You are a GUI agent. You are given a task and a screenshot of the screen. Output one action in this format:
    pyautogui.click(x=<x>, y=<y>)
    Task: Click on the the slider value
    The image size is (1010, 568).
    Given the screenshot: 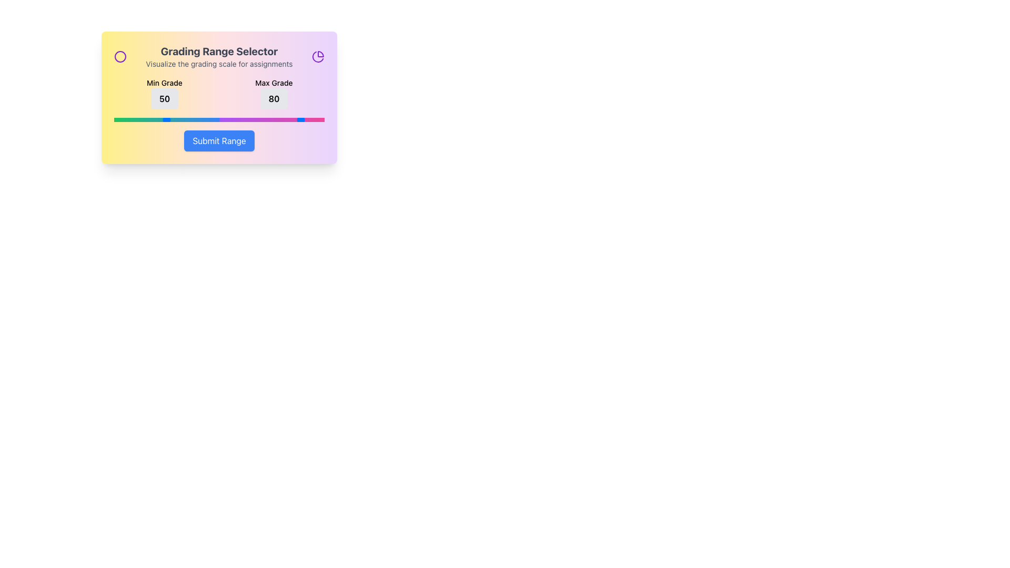 What is the action you would take?
    pyautogui.click(x=228, y=119)
    